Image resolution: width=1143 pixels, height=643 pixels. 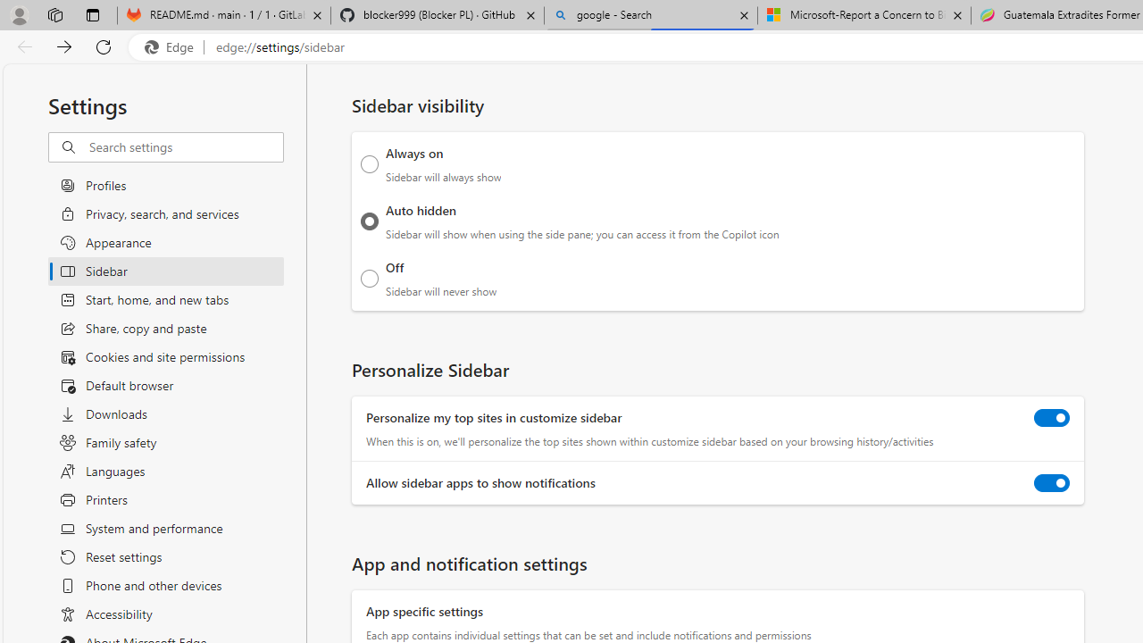 I want to click on 'Off Sidebar will never show', so click(x=369, y=278).